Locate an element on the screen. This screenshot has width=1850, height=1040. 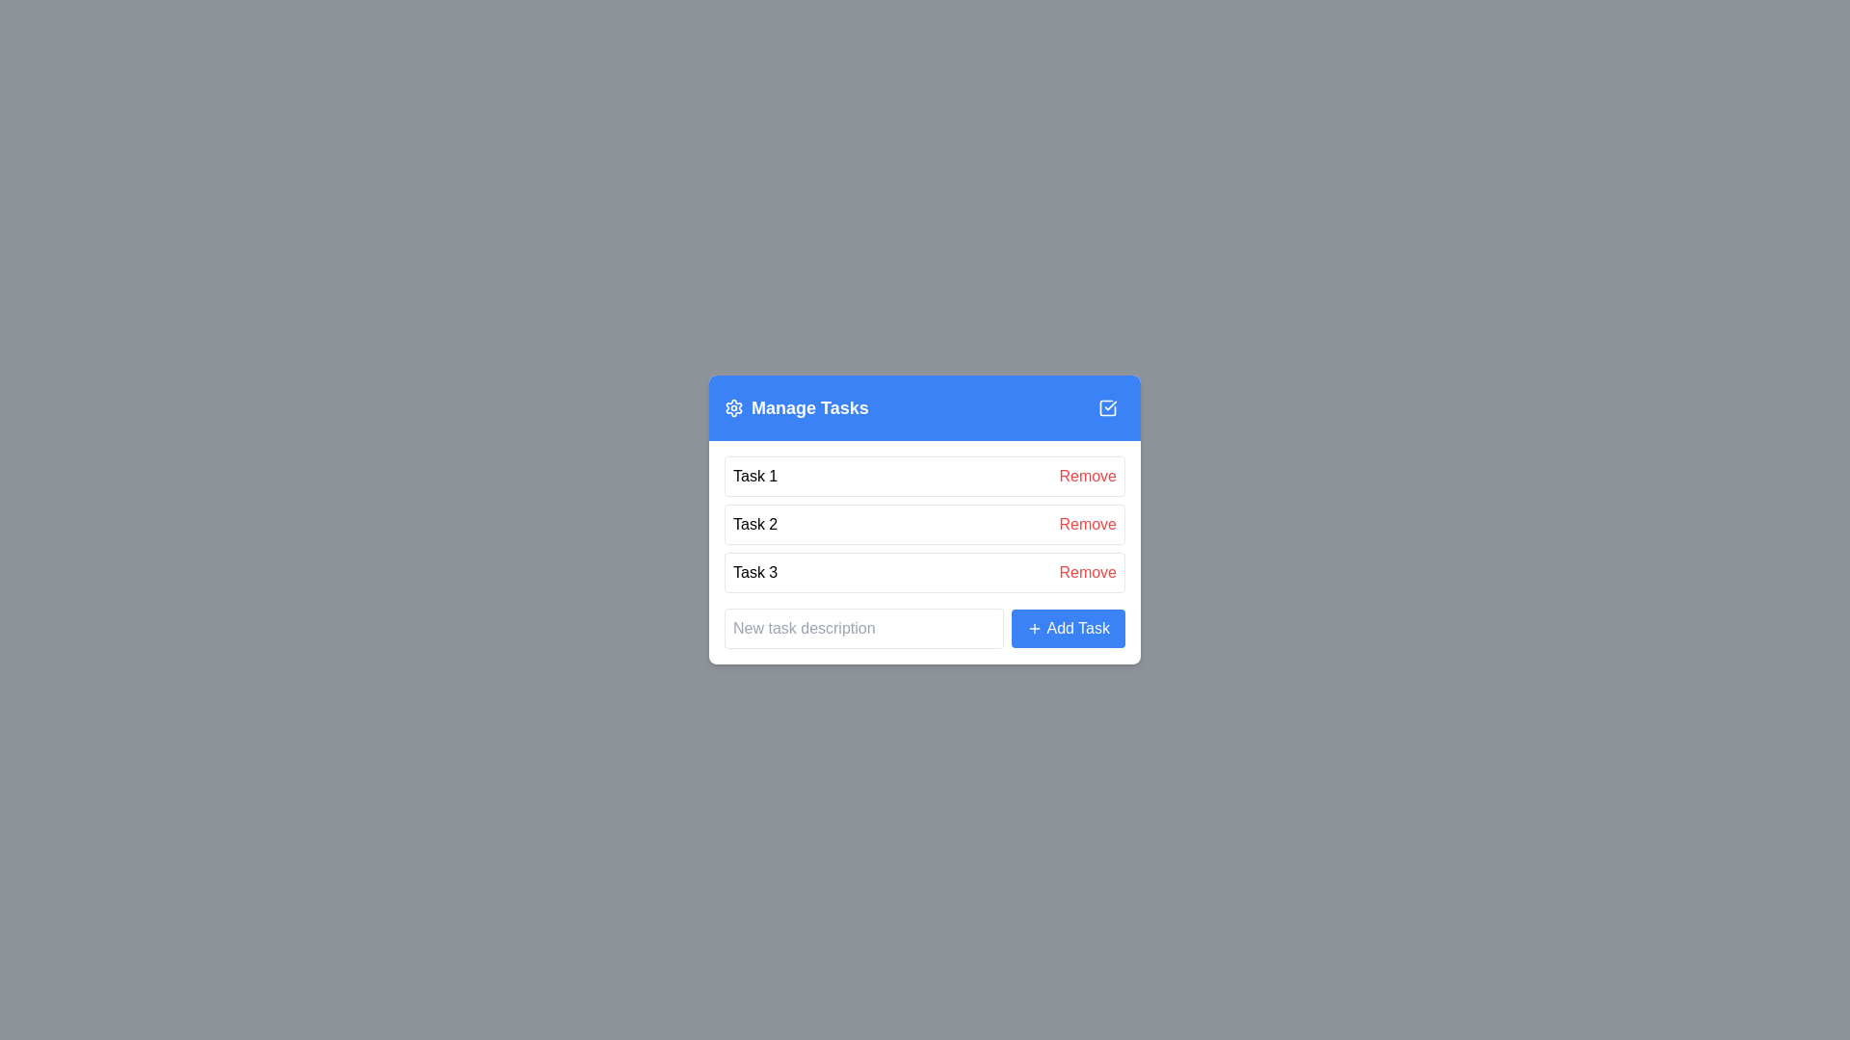
close button in the top-right corner of the dialog to close it is located at coordinates (1108, 407).